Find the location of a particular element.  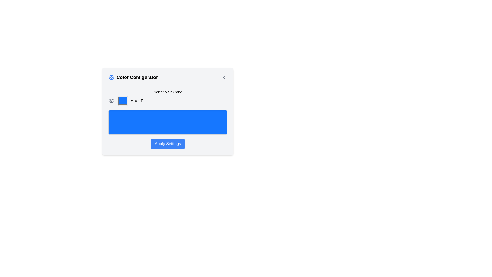

the rightmost icon button in the header section of the 'Color Configurator' panel is located at coordinates (224, 77).